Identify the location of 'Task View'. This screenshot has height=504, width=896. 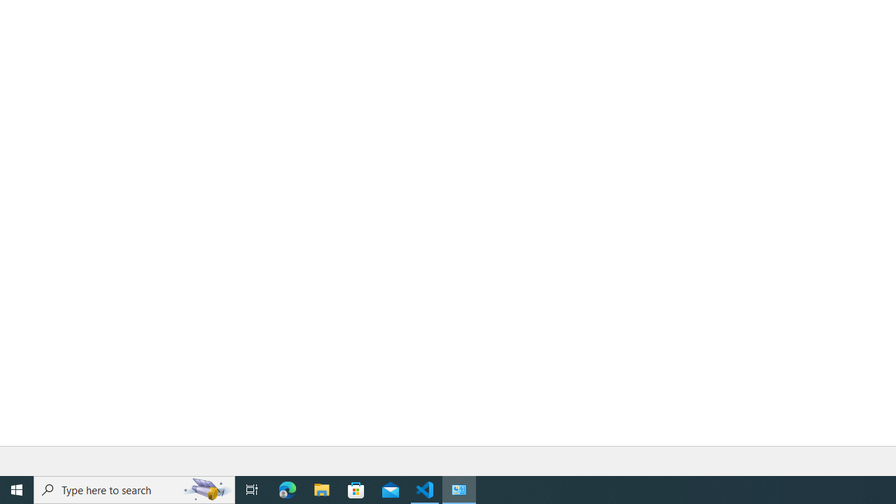
(251, 489).